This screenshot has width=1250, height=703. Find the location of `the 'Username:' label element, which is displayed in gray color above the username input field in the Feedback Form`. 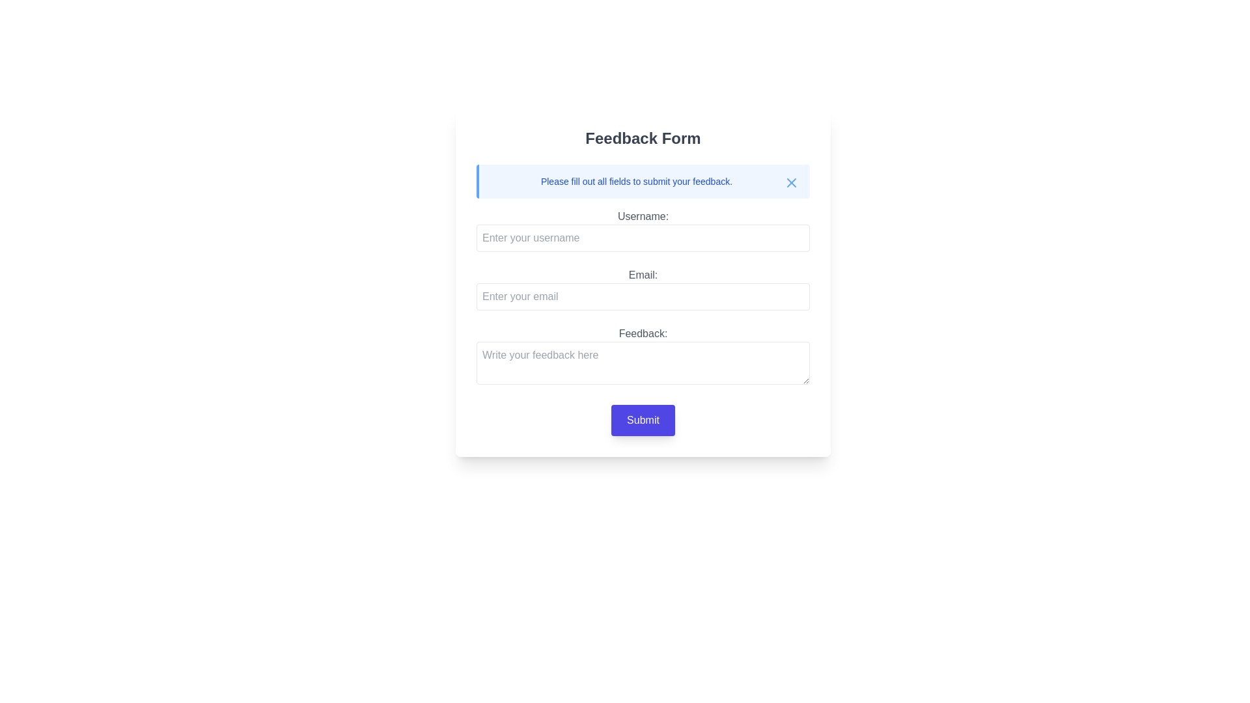

the 'Username:' label element, which is displayed in gray color above the username input field in the Feedback Form is located at coordinates (643, 215).